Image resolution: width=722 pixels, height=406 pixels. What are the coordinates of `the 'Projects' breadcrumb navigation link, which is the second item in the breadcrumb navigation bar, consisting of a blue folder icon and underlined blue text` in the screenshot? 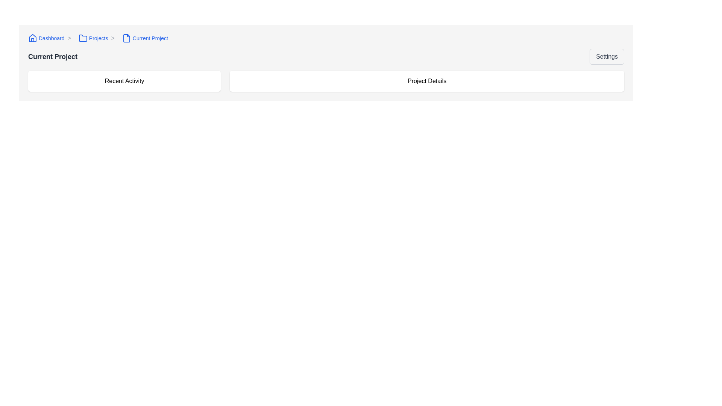 It's located at (97, 38).